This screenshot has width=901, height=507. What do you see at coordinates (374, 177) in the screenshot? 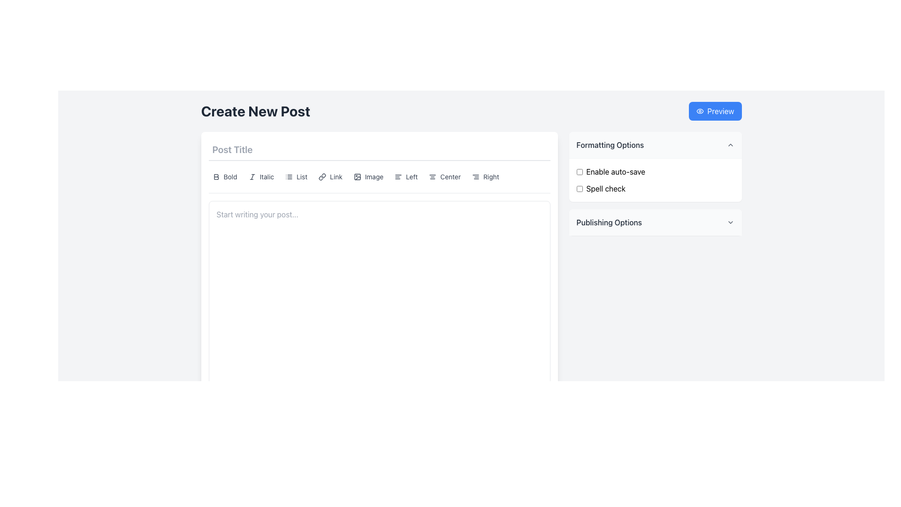
I see `the text label associated with the image insertion button in the text editor toolbar, which is positioned near formatting options like Bold, Italic, and List` at bounding box center [374, 177].